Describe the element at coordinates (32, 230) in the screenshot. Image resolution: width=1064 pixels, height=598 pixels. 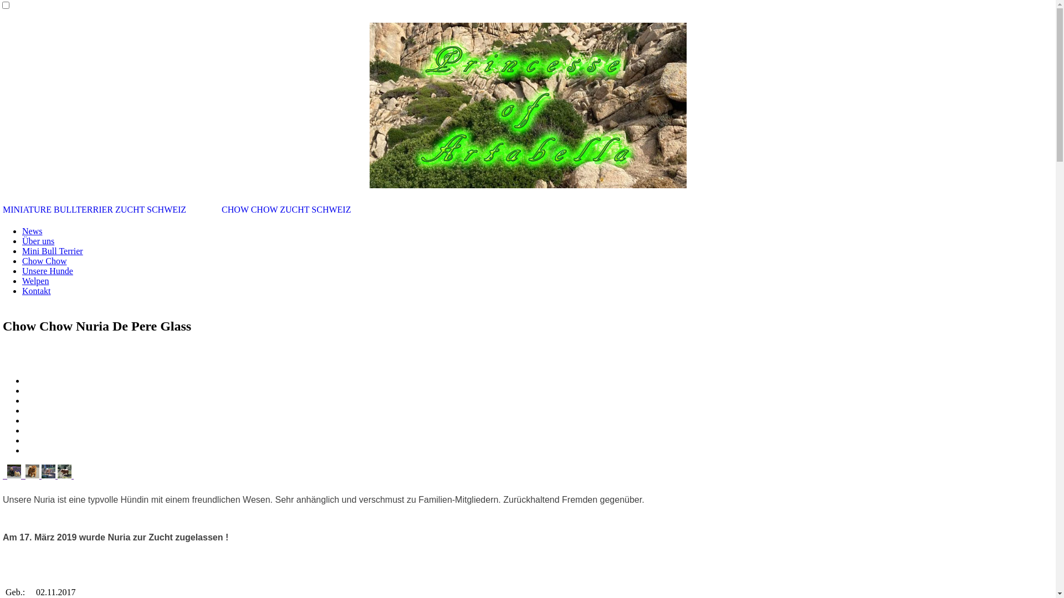
I see `'News'` at that location.